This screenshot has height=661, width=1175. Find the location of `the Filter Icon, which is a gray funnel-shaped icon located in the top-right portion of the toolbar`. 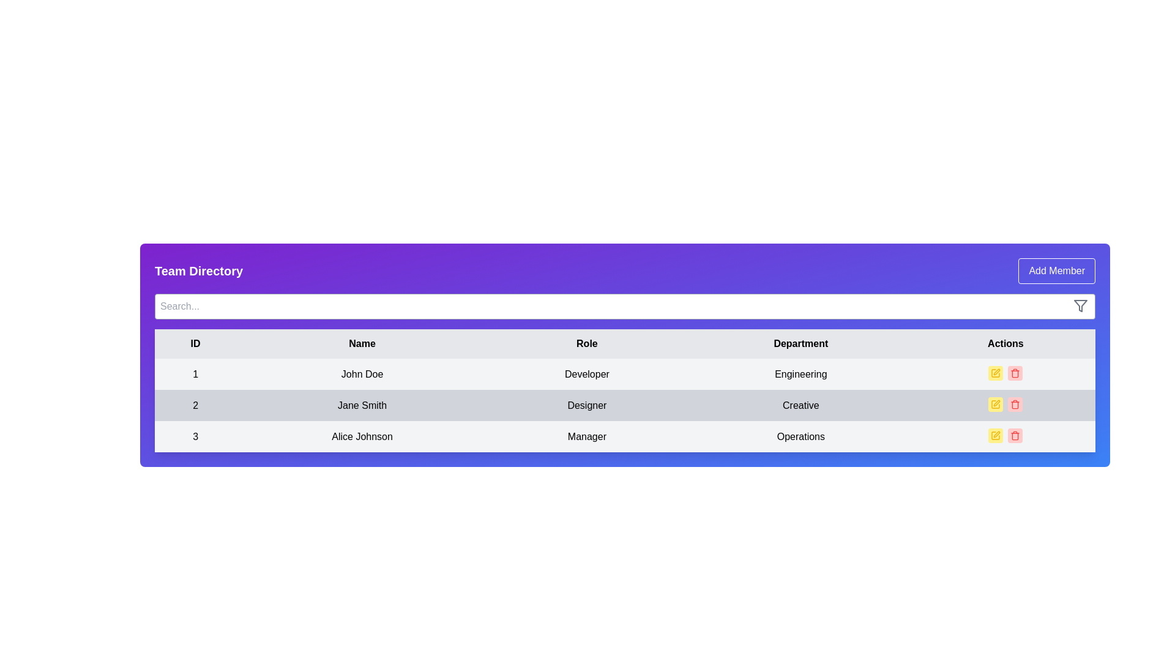

the Filter Icon, which is a gray funnel-shaped icon located in the top-right portion of the toolbar is located at coordinates (1081, 305).